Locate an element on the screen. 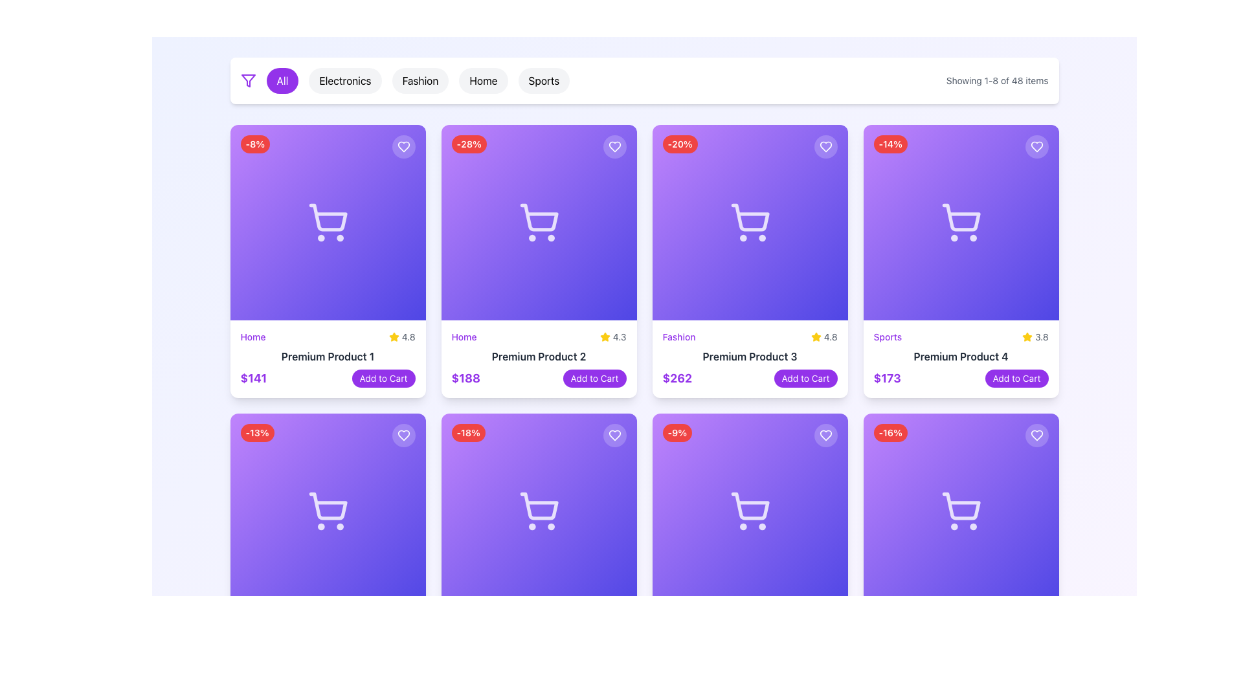 This screenshot has height=699, width=1243. the text label that displays 'Premium Product 2', which is styled in bold gray font and is centrally aligned within its card in the grid layout is located at coordinates (539, 357).